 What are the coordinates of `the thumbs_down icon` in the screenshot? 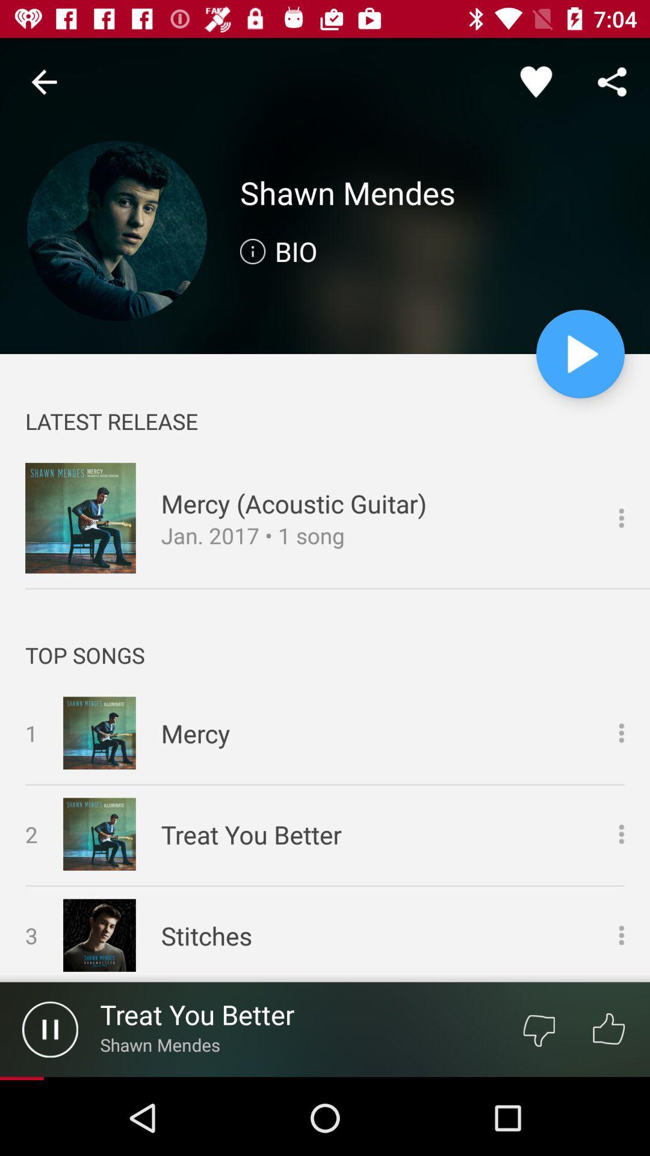 It's located at (538, 1028).